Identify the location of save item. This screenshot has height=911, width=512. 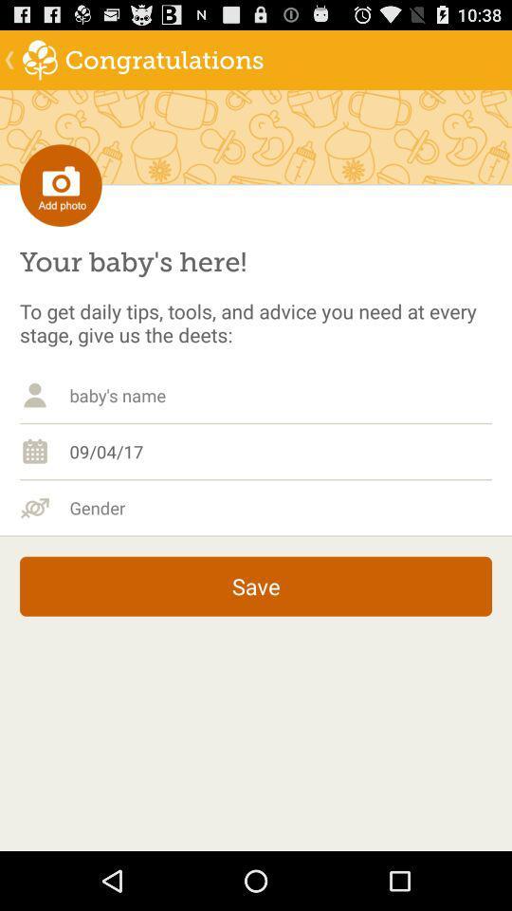
(256, 585).